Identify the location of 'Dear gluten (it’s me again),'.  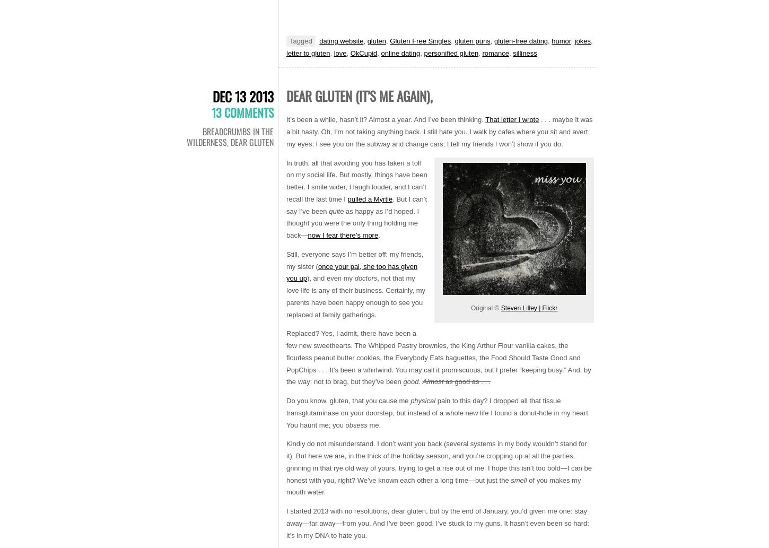
(359, 95).